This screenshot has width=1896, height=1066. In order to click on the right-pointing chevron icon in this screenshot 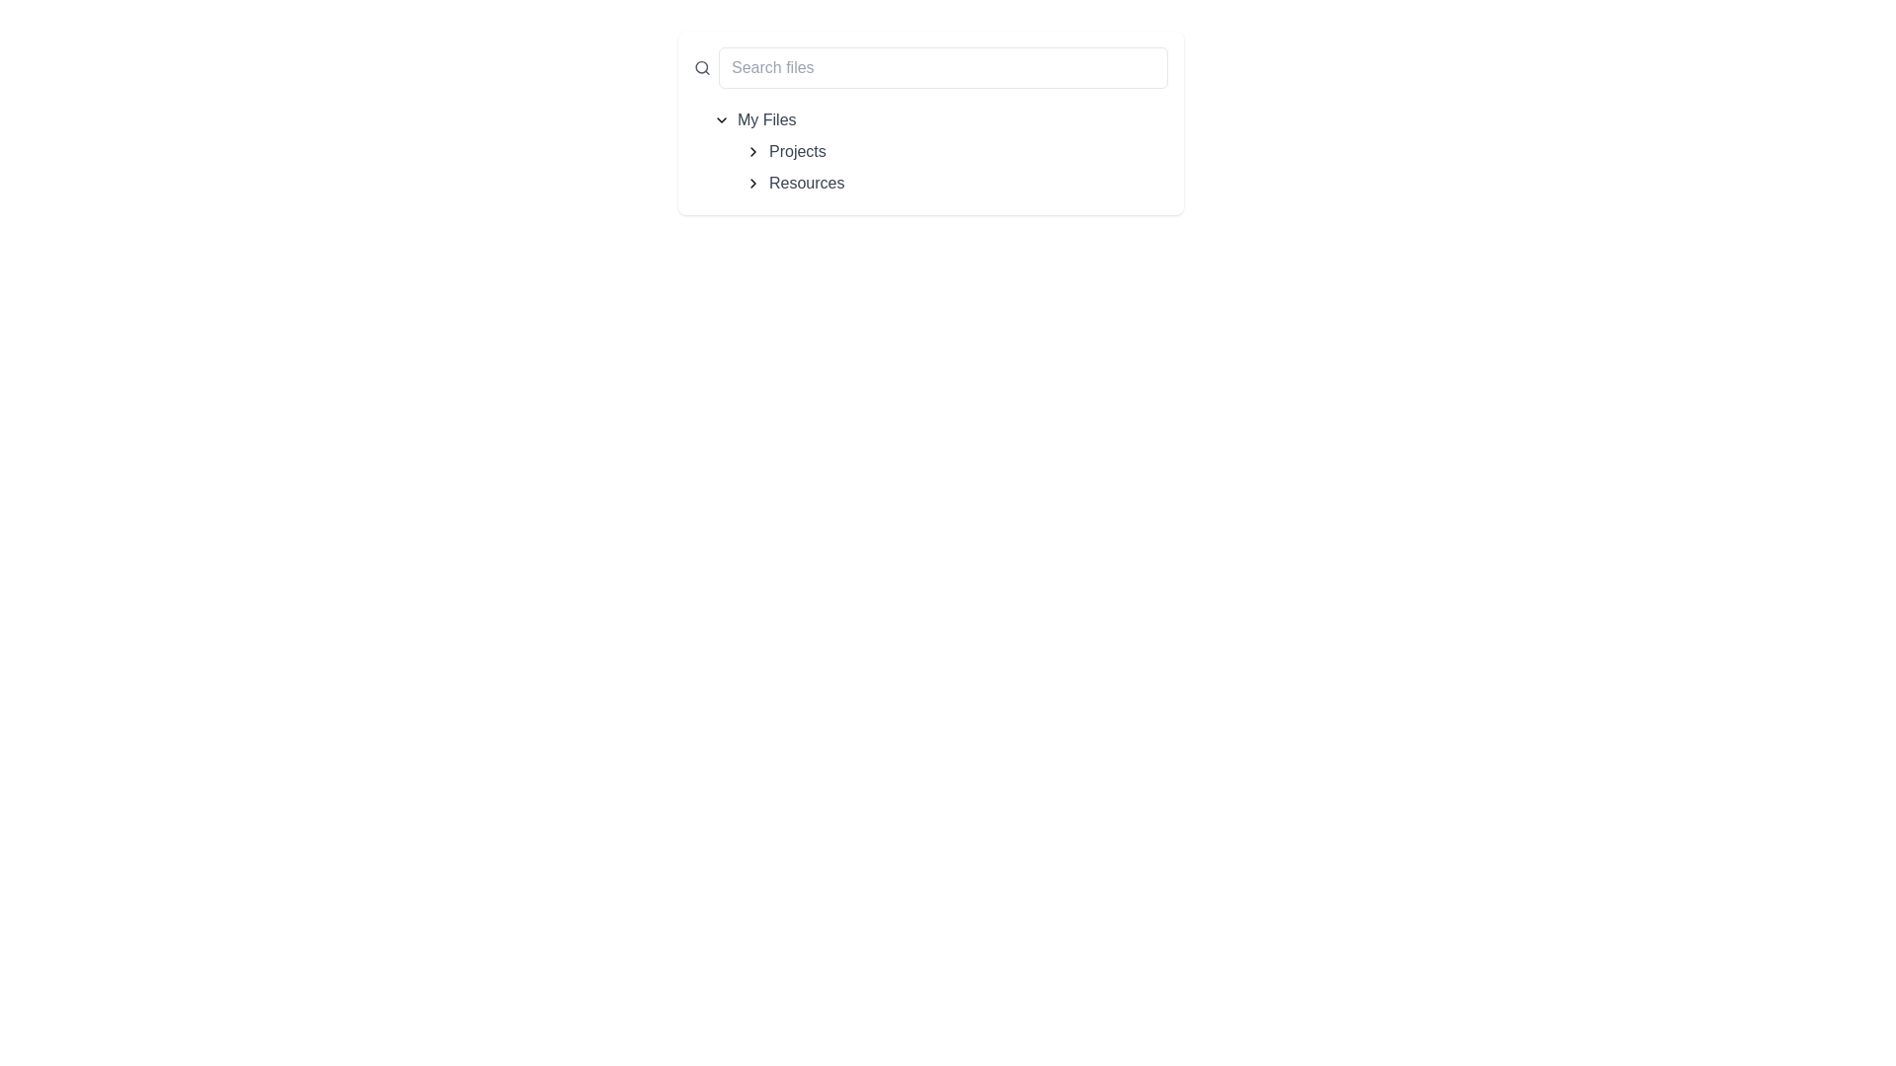, I will do `click(752, 151)`.